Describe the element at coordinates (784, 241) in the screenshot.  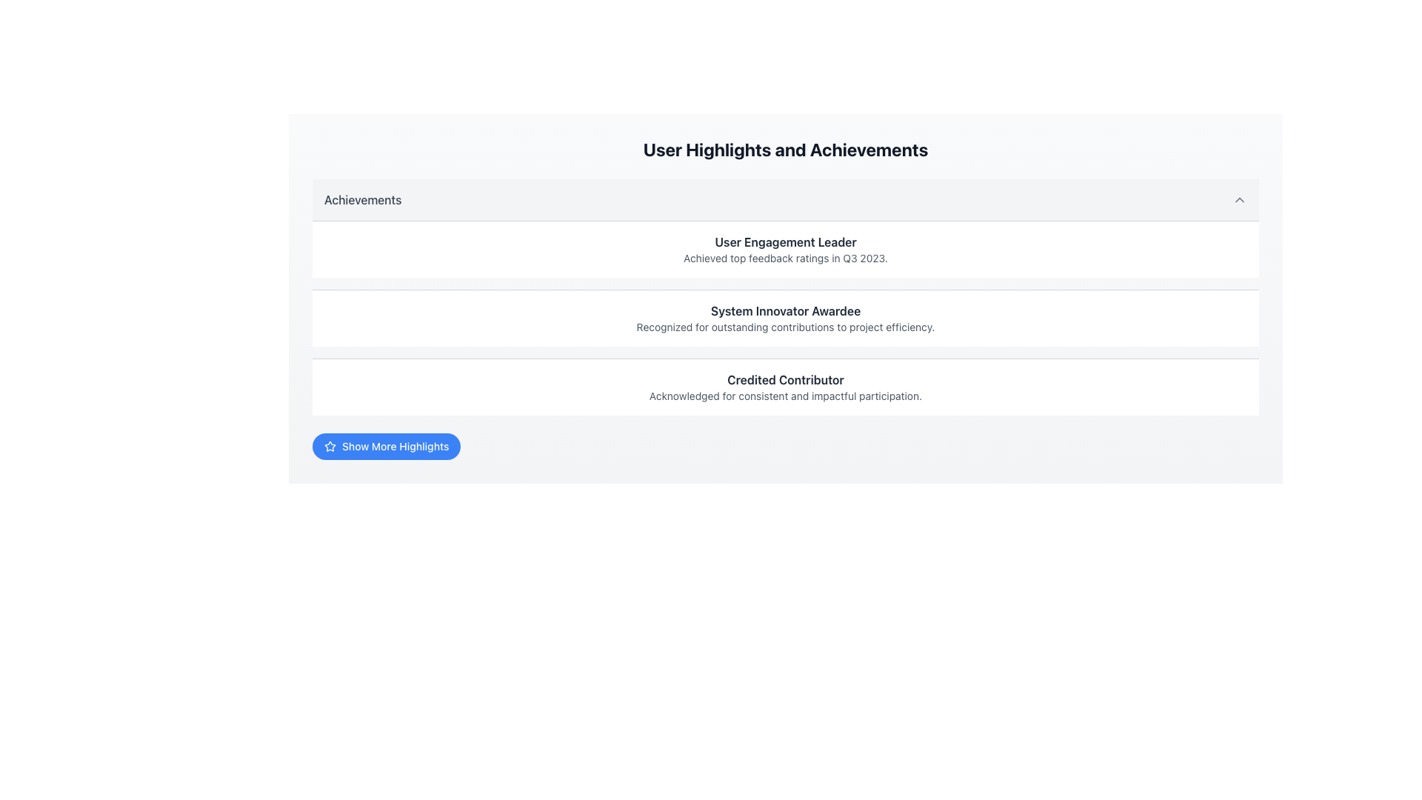
I see `the static text label that serves as a heading or title for the first achievement card, providing a summary of the content within the card` at that location.